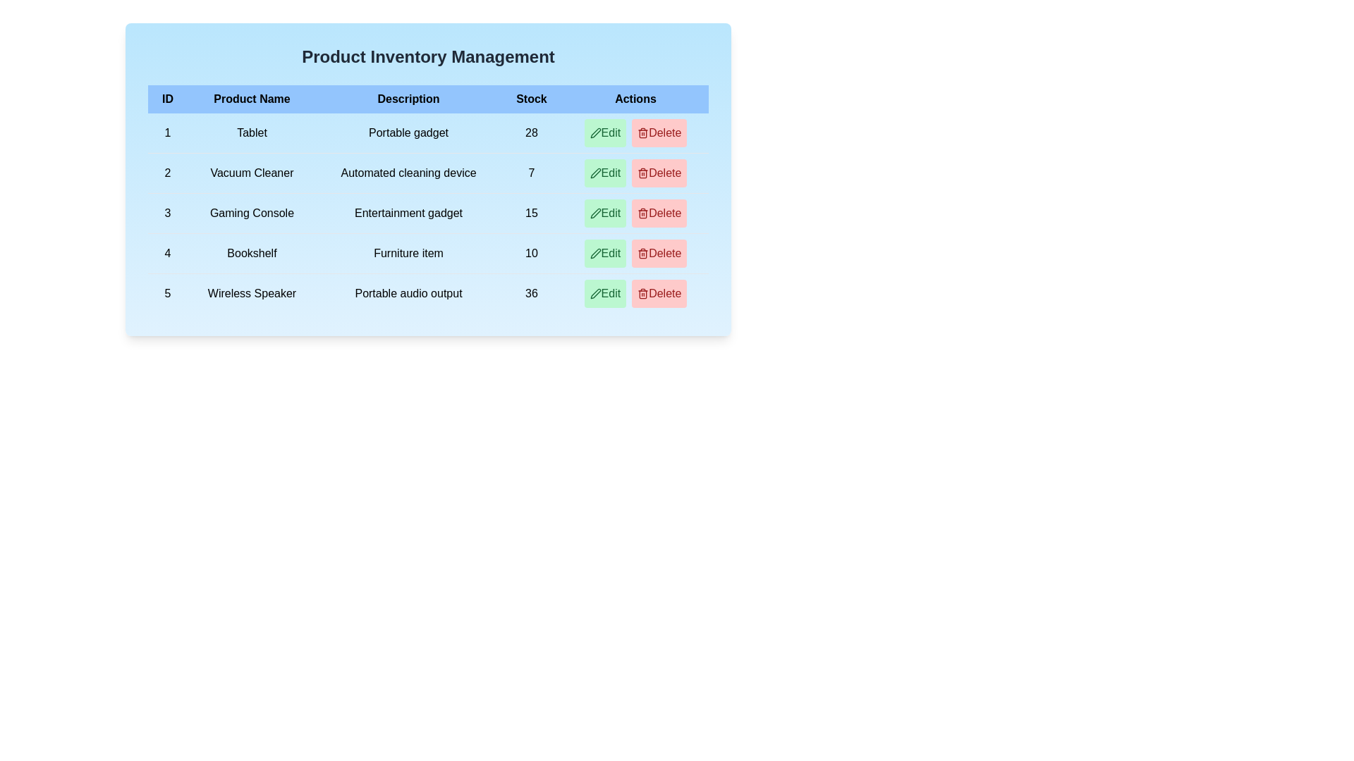  I want to click on the Text Label in the Description column of the first row of the table, which categorizes the item listed next to the 'Tablet' cell in the Product Name column, so click(408, 133).